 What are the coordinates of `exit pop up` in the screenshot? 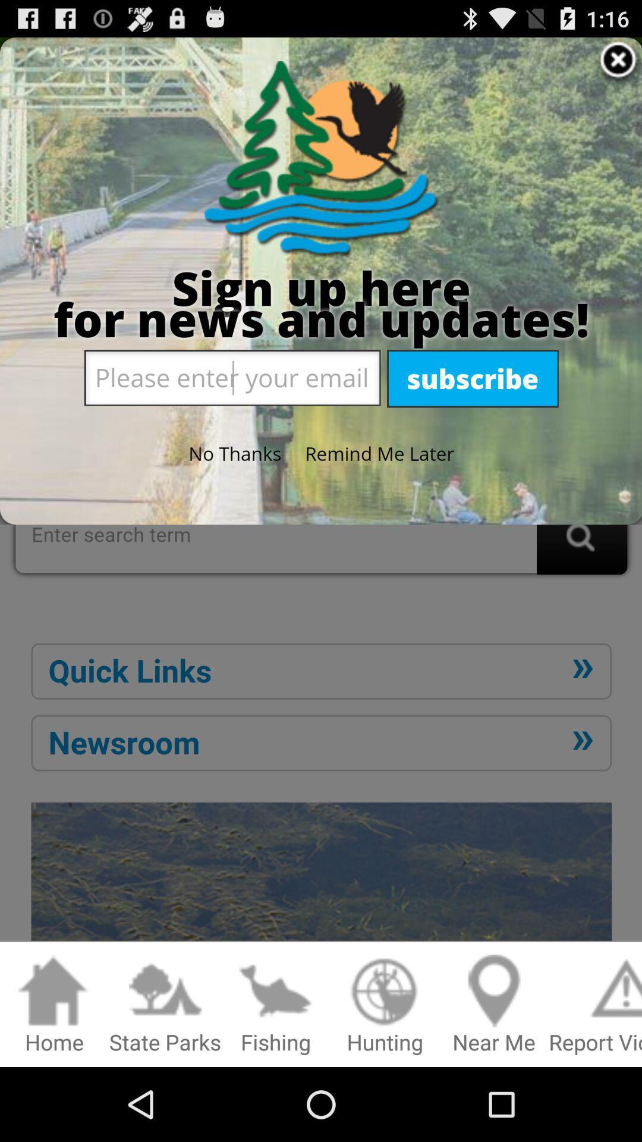 It's located at (321, 493).